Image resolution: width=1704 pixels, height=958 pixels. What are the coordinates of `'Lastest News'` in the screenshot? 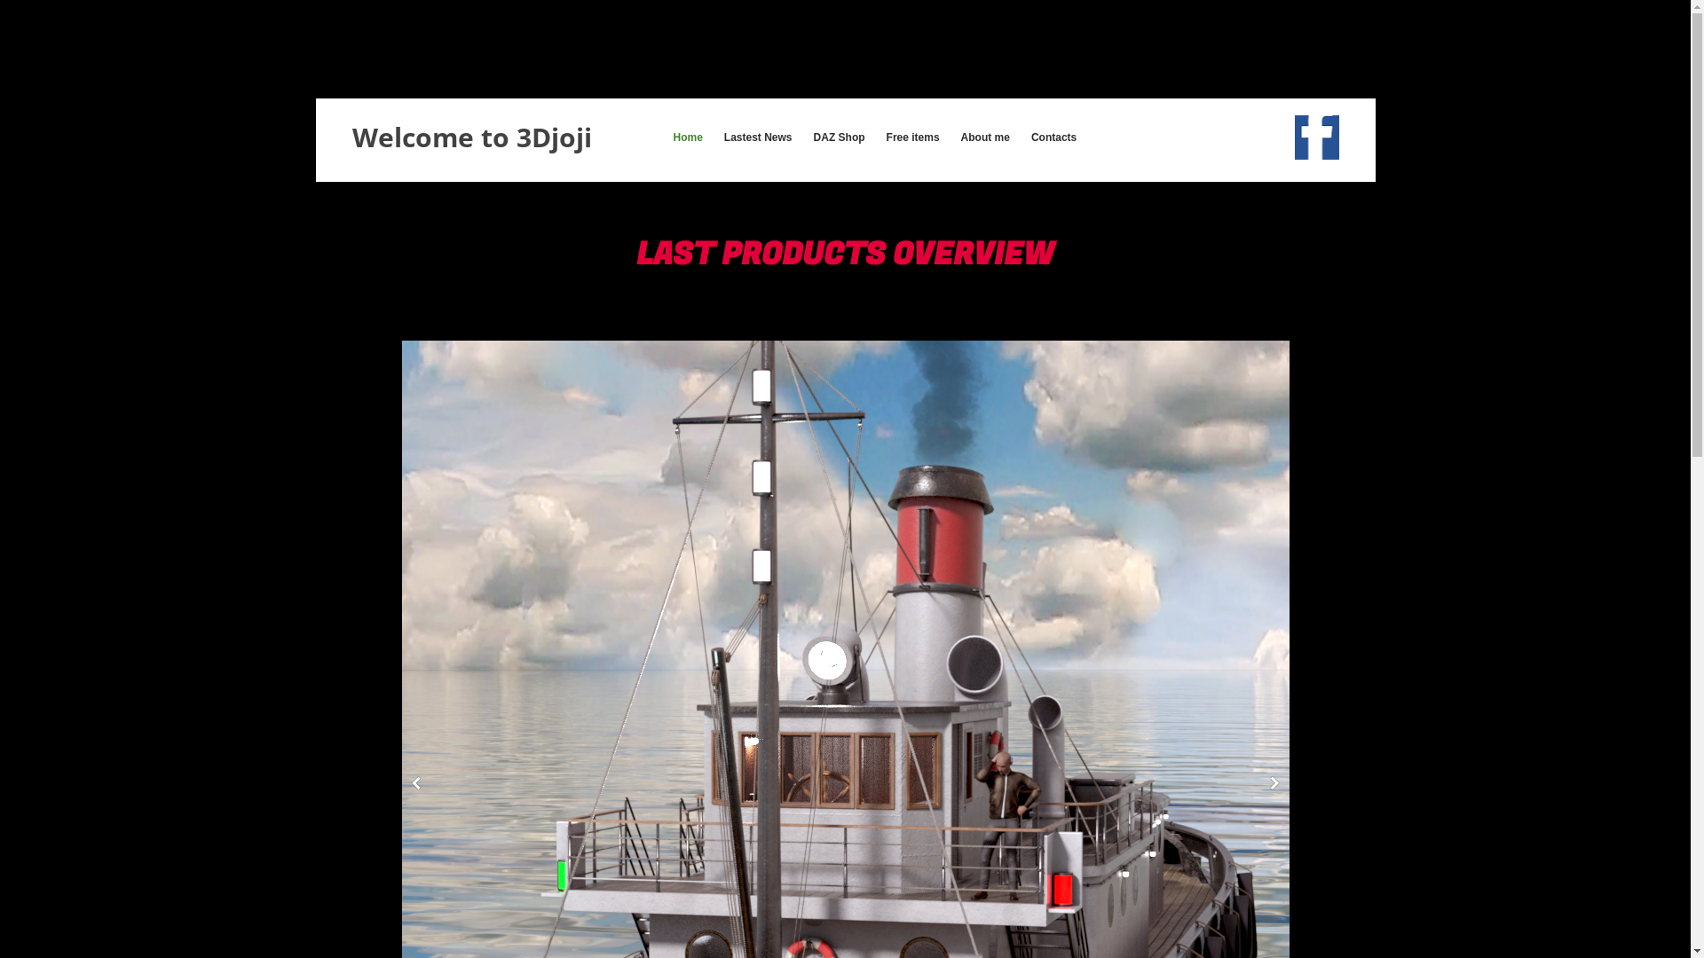 It's located at (758, 136).